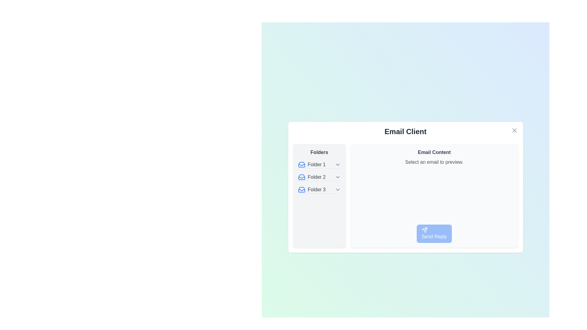  I want to click on the 'Email Client' label text positioned at the top-center of the dialog interface, below the close button, so click(405, 131).